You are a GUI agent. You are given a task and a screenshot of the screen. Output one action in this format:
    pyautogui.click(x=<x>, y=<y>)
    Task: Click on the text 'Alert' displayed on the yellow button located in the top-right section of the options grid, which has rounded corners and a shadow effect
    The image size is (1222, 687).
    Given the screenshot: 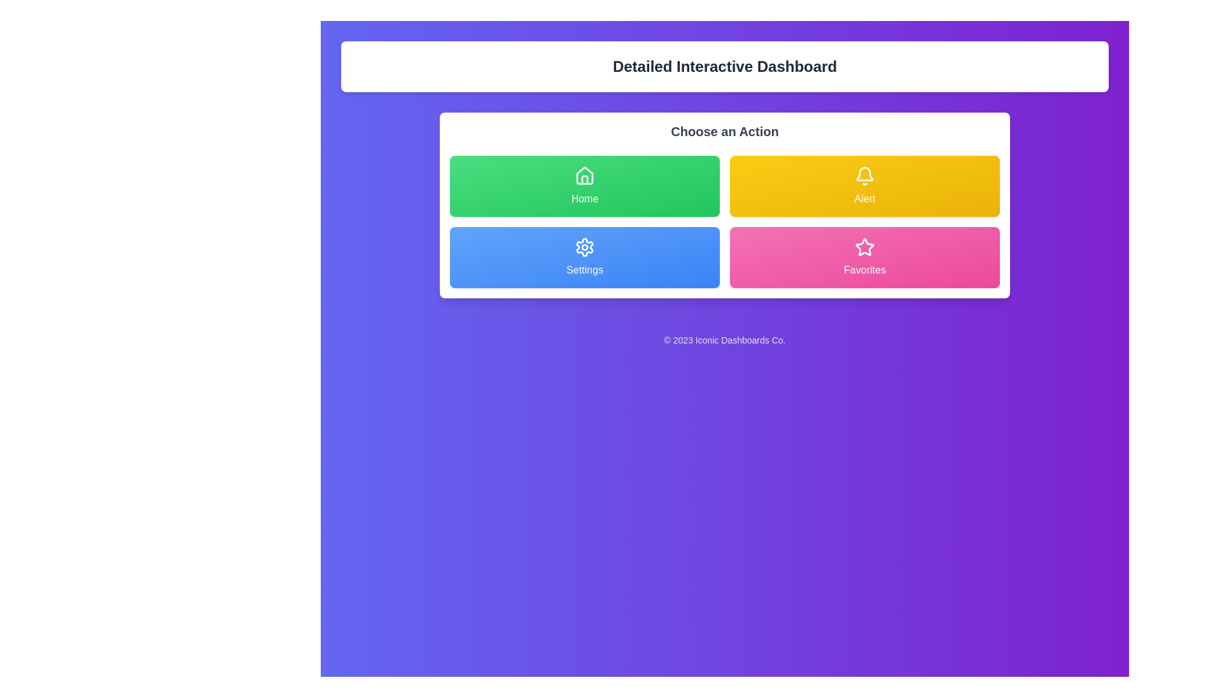 What is the action you would take?
    pyautogui.click(x=864, y=198)
    